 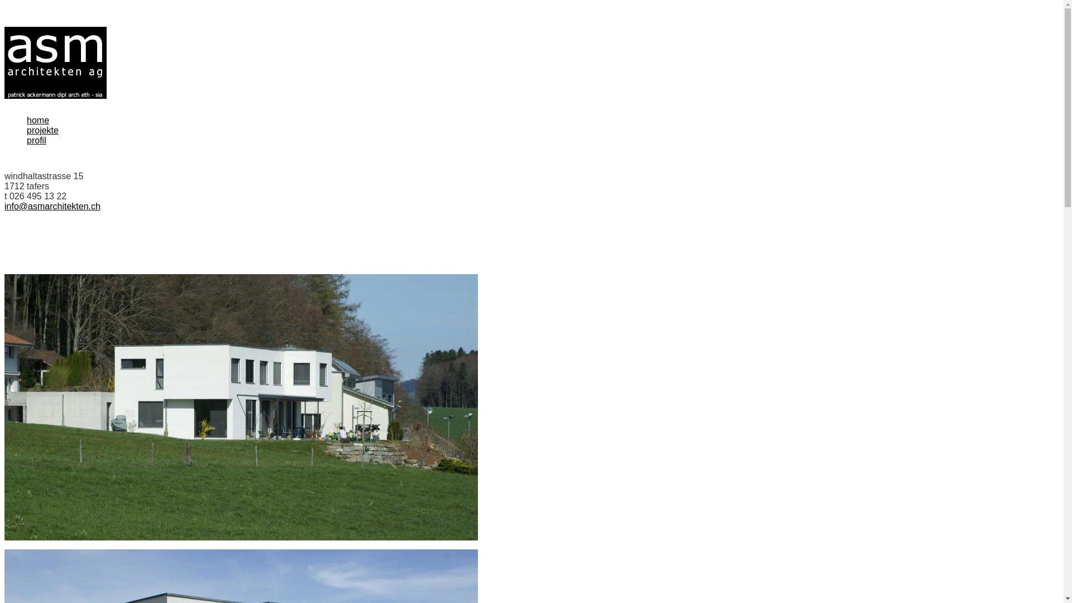 What do you see at coordinates (241, 407) in the screenshot?
I see `'EFH Magdalenastrasse-2'` at bounding box center [241, 407].